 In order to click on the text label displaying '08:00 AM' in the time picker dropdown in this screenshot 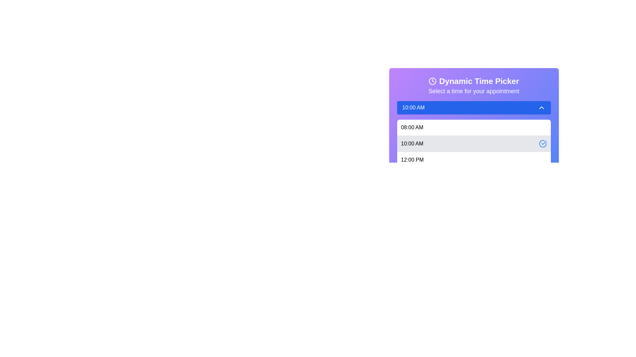, I will do `click(412, 127)`.